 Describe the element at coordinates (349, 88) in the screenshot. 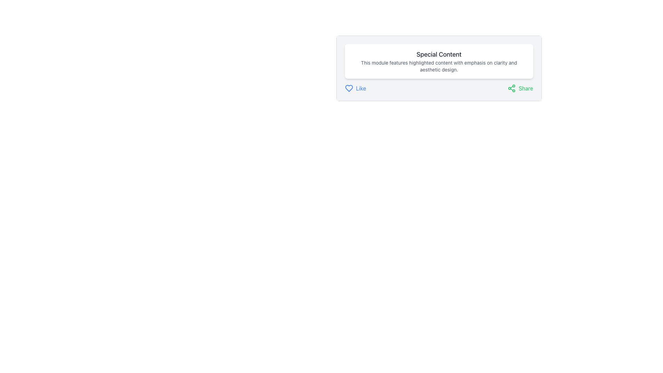

I see `the heart-shaped icon to express a 'Like' action, located to the left of the text 'Like' under the 'Special Content' label` at that location.